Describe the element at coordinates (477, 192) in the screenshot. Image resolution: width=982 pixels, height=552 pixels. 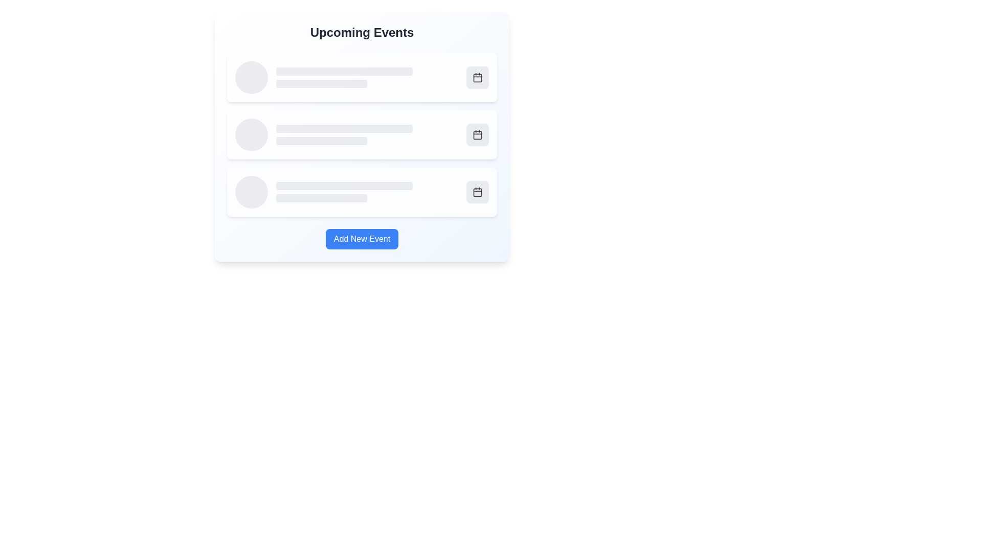
I see `the calendar icon located on the right side of the third row in the 'Upcoming Events' section` at that location.